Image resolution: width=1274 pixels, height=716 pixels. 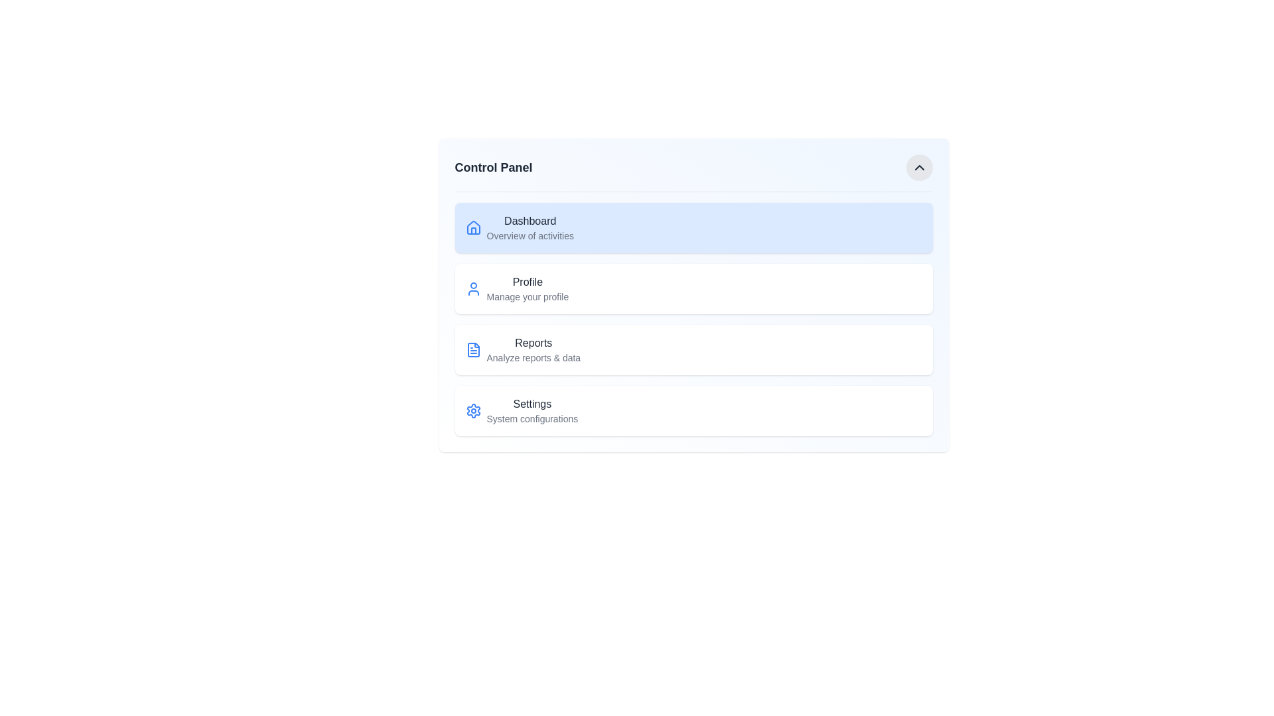 I want to click on the 'Settings' label, which includes the bold text 'Settings' and the lighter text 'System configurations', located in the fourth section of the Control Panel, so click(x=532, y=410).